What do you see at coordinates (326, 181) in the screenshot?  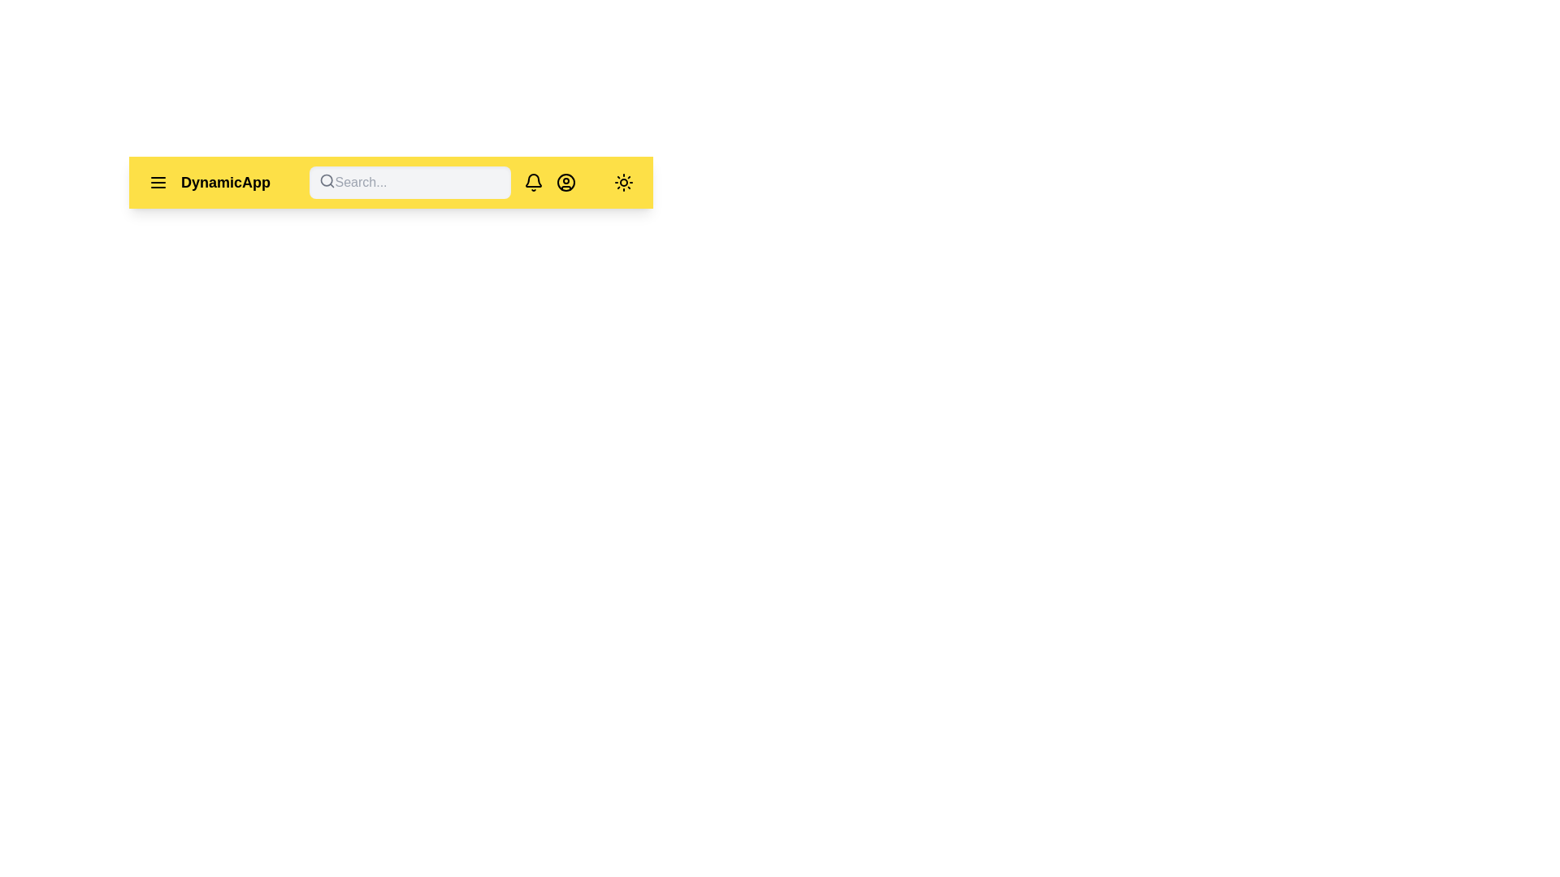 I see `search icon to activate the search functionality` at bounding box center [326, 181].